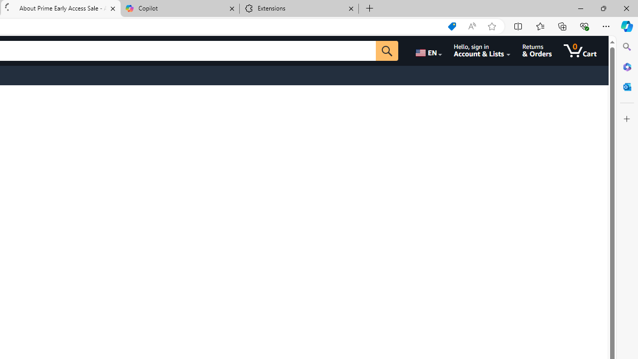 The width and height of the screenshot is (638, 359). Describe the element at coordinates (436, 50) in the screenshot. I see `'Choose a language for shopping.'` at that location.